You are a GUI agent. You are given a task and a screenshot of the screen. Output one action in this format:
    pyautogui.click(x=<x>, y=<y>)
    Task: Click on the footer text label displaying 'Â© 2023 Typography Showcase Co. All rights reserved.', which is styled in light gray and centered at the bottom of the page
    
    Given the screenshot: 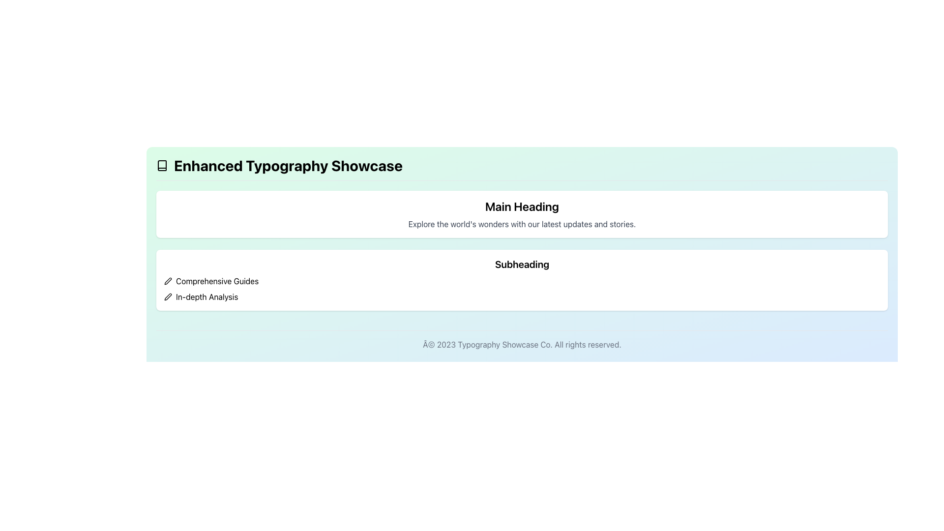 What is the action you would take?
    pyautogui.click(x=521, y=344)
    